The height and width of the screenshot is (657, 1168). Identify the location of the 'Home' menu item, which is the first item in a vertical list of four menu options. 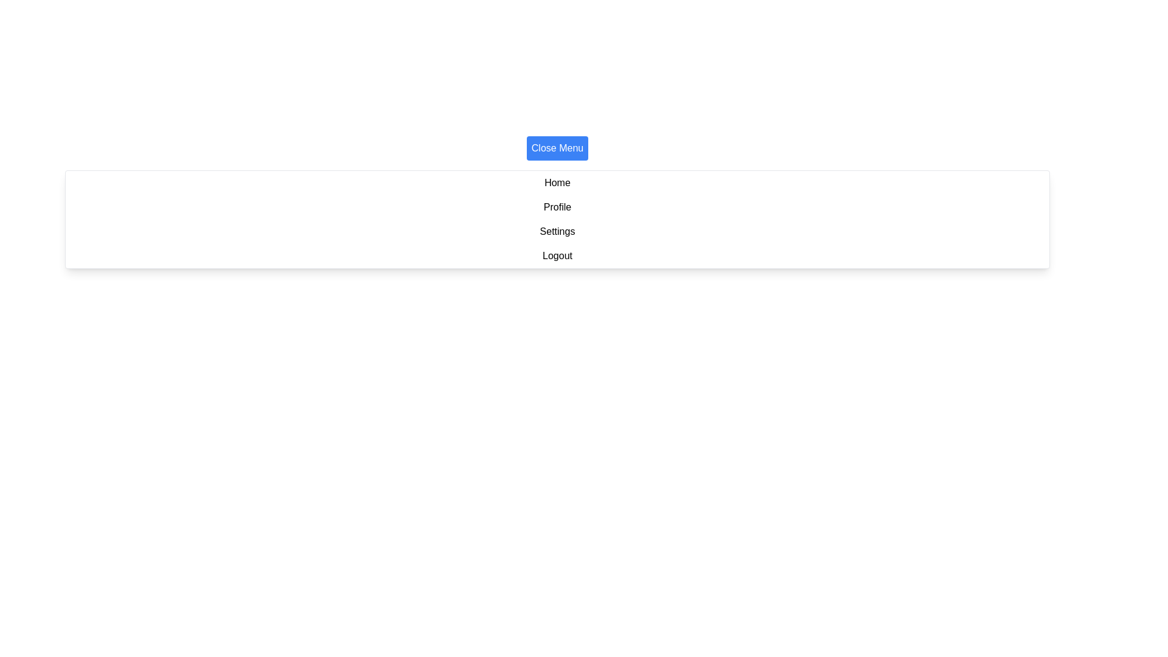
(557, 182).